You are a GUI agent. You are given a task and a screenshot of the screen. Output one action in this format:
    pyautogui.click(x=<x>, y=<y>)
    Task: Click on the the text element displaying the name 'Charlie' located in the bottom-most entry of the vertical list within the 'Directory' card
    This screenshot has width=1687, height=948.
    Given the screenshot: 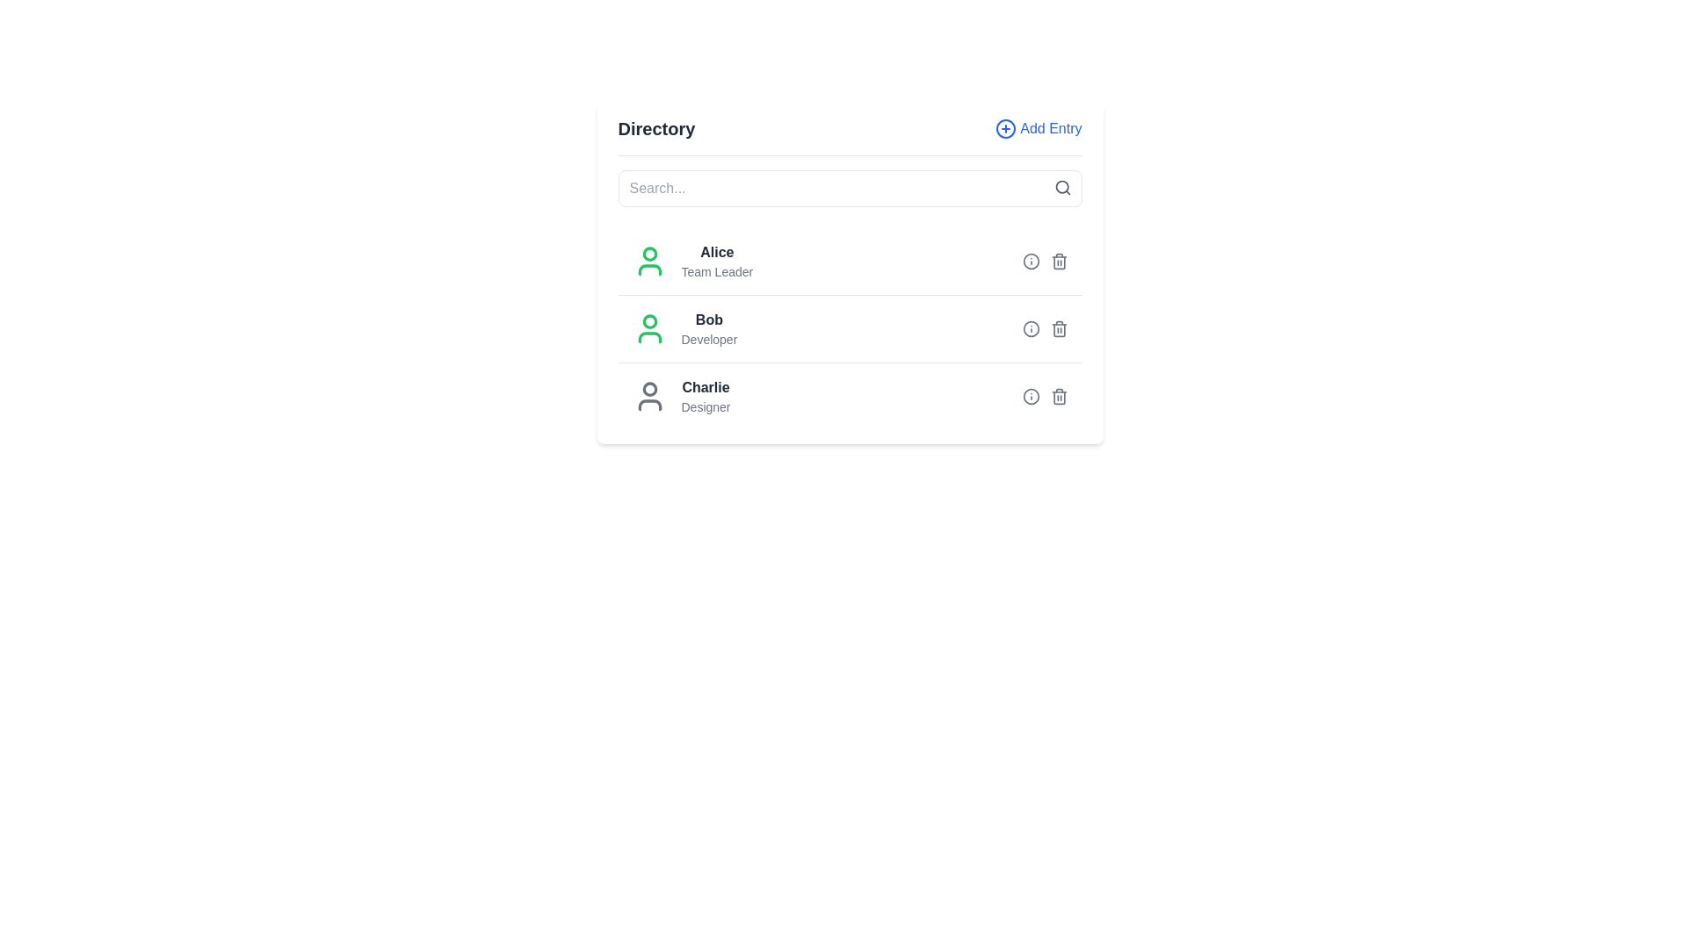 What is the action you would take?
    pyautogui.click(x=706, y=387)
    